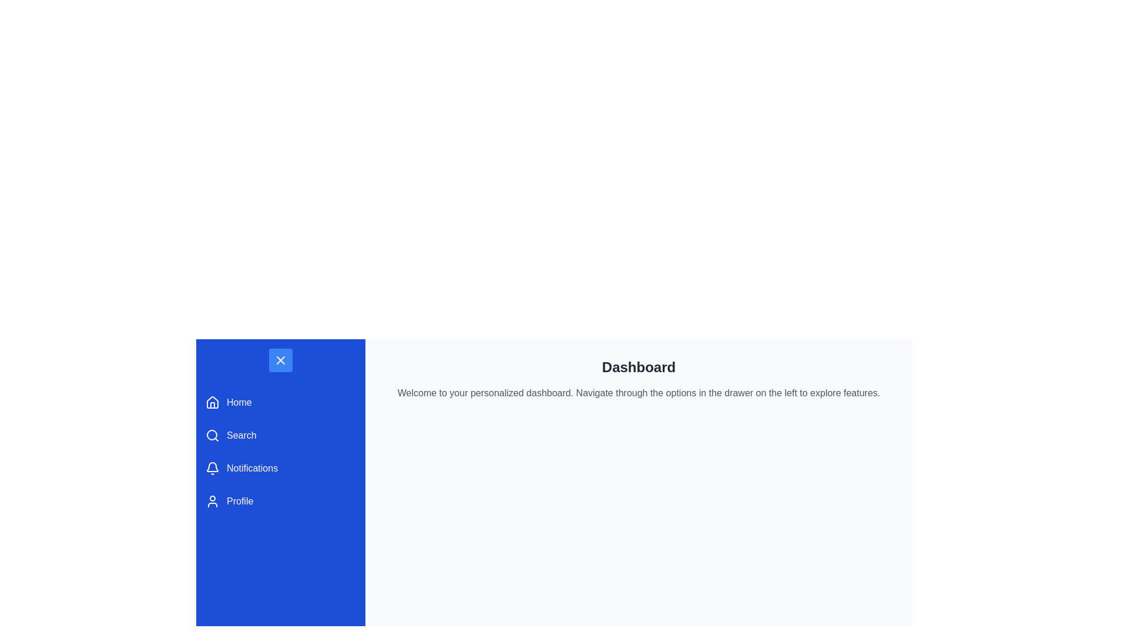 Image resolution: width=1128 pixels, height=635 pixels. I want to click on the 'Profile' navigation link located in the left sidebar, which is the fourth item in the list of options, so click(280, 501).